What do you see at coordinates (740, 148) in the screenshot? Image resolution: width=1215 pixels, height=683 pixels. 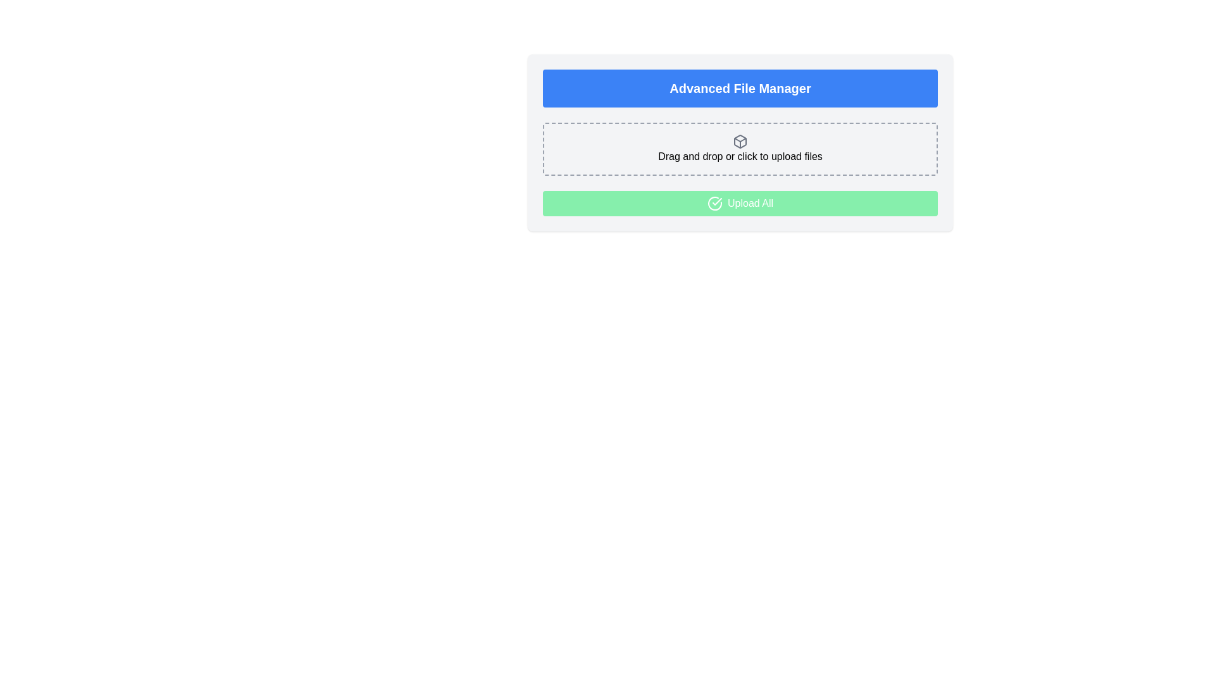 I see `the Dropzone area within the 'Advanced File Manager' section` at bounding box center [740, 148].